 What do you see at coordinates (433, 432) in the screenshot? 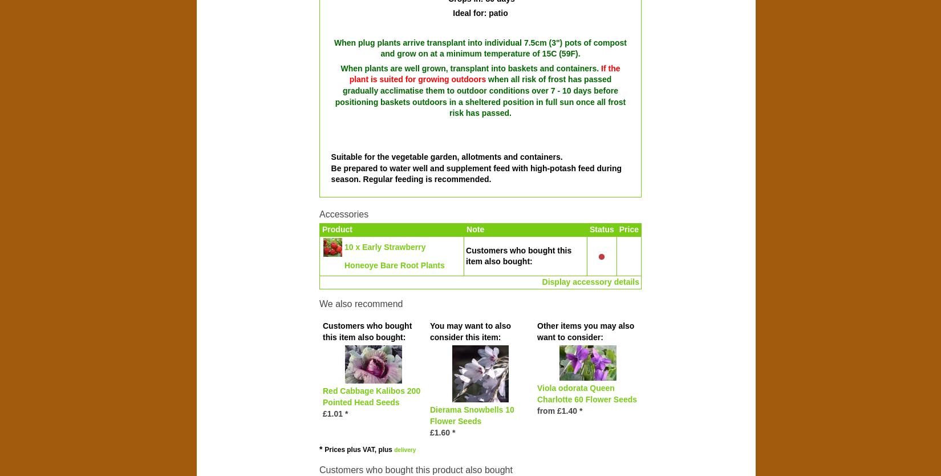
I see `'1.60'` at bounding box center [433, 432].